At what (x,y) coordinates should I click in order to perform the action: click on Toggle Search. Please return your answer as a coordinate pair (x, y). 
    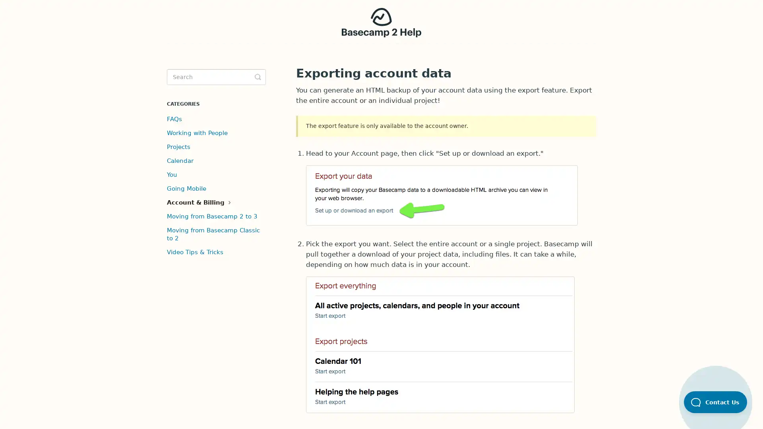
    Looking at the image, I should click on (258, 77).